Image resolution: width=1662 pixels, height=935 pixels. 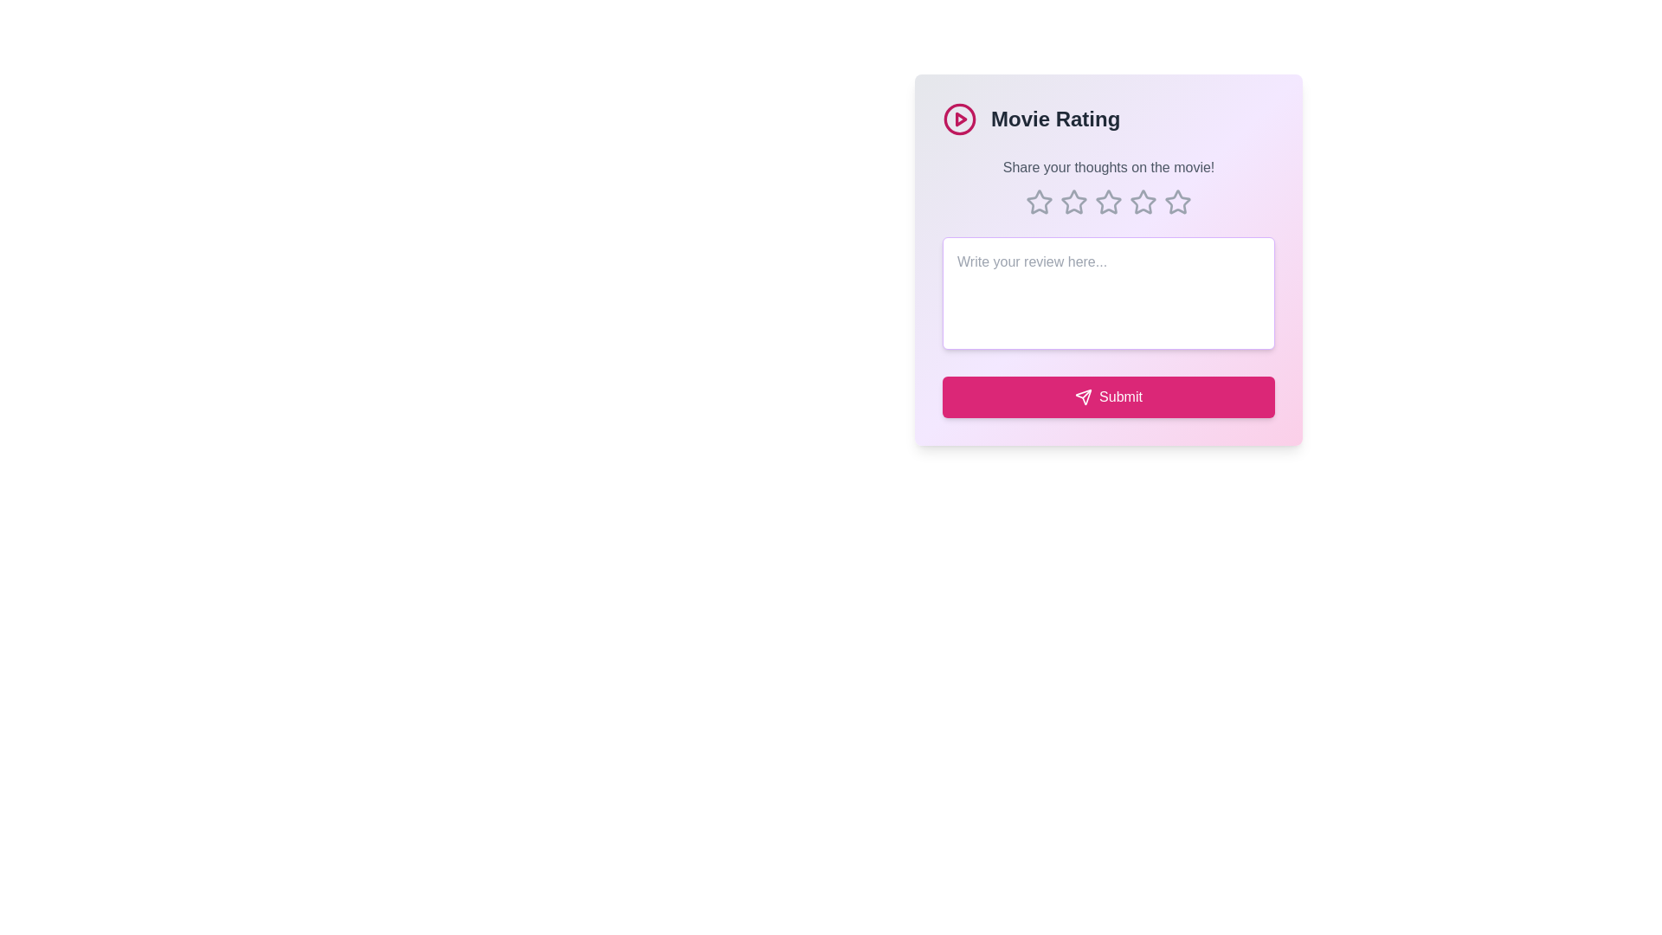 I want to click on the fourth star icon in the Movie Rating card, so click(x=1143, y=202).